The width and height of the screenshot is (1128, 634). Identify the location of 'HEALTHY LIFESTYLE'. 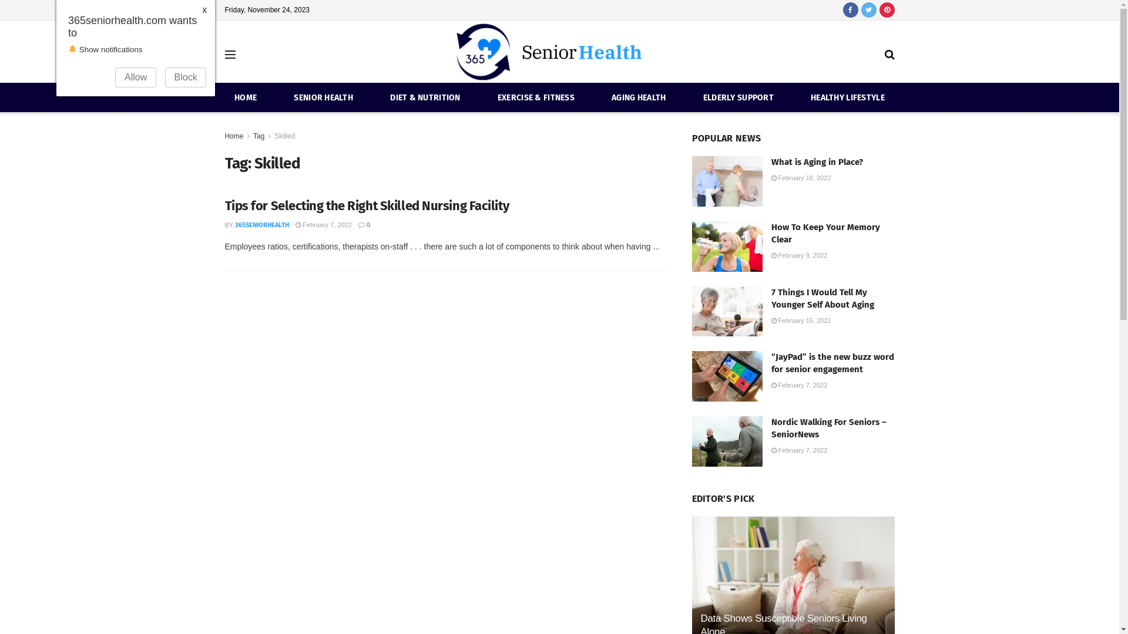
(848, 97).